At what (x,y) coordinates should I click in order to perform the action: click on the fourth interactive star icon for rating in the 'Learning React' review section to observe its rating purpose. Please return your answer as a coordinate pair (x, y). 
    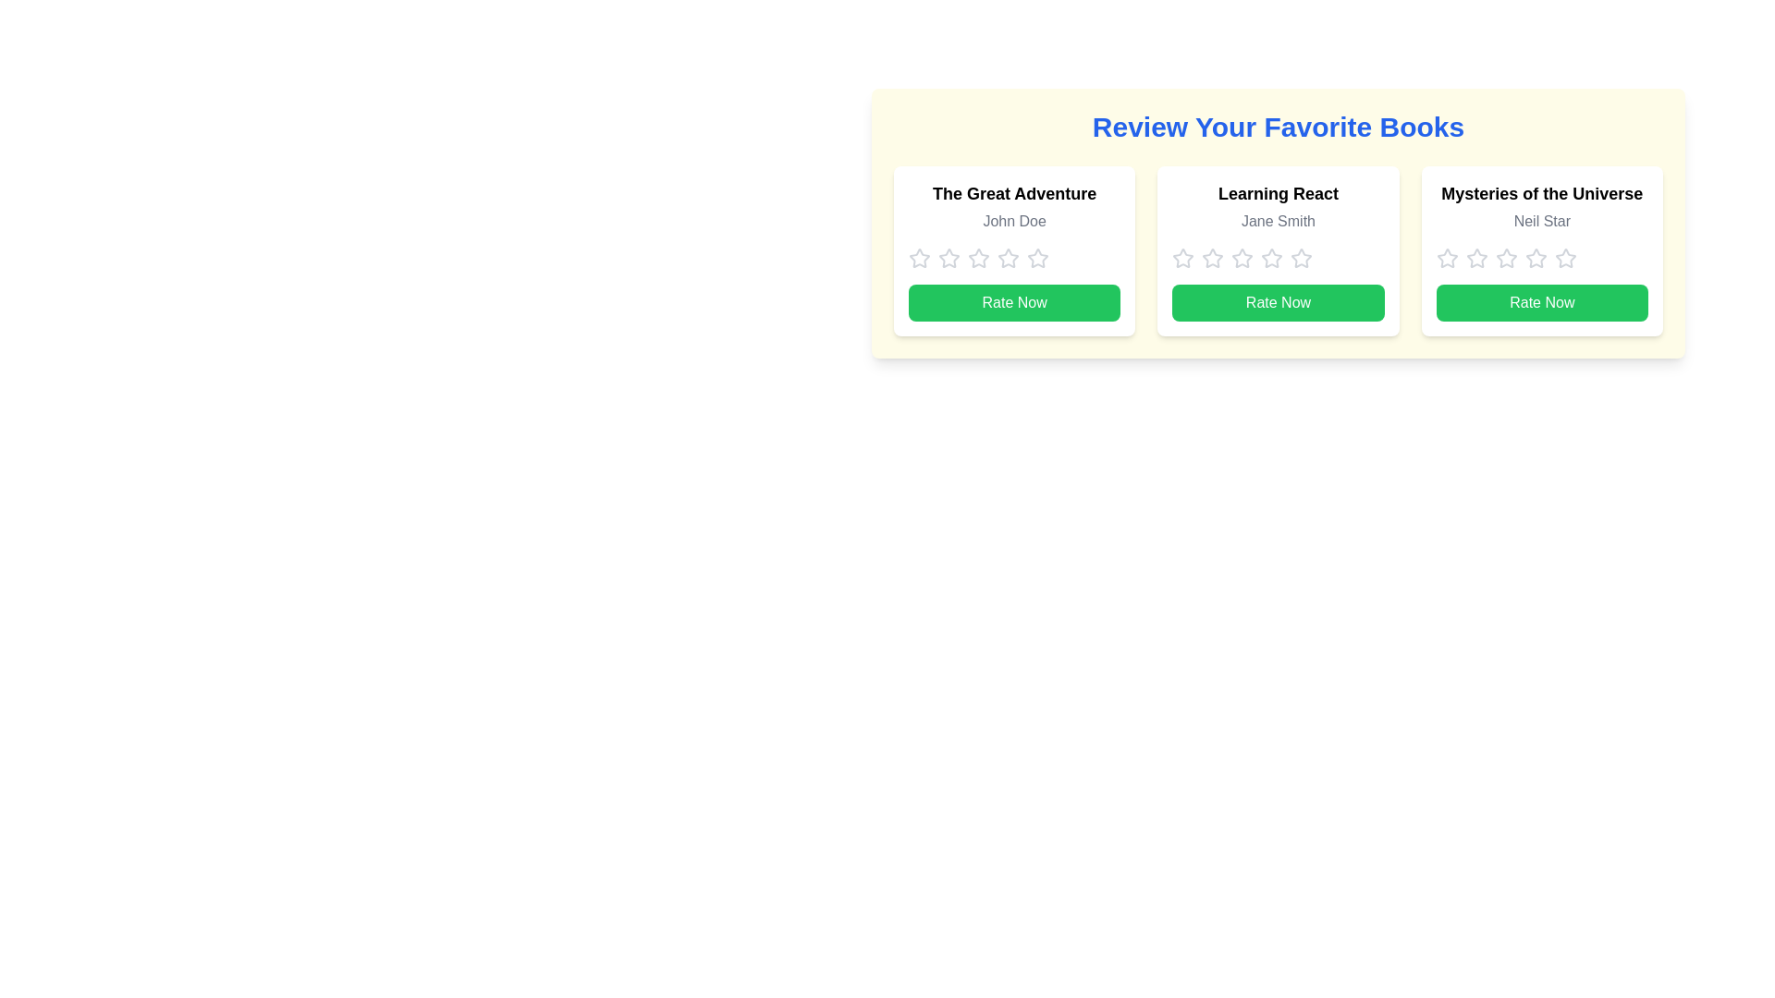
    Looking at the image, I should click on (1242, 259).